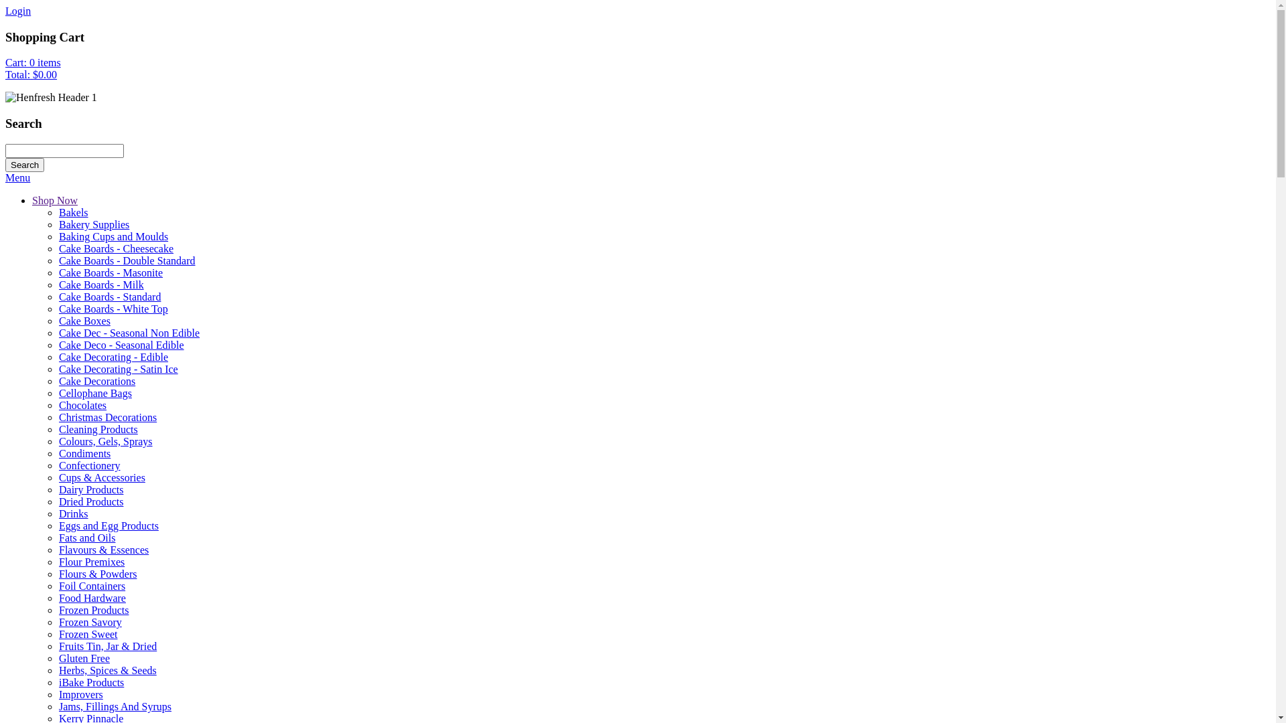 This screenshot has width=1286, height=723. What do you see at coordinates (90, 489) in the screenshot?
I see `'Dairy Products'` at bounding box center [90, 489].